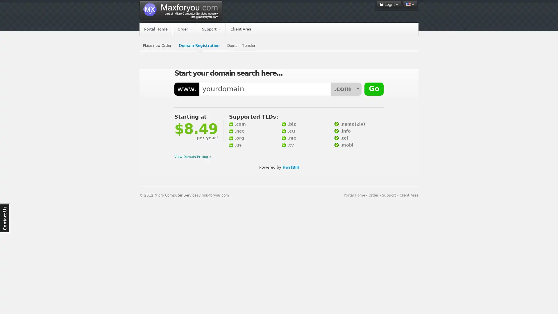  I want to click on English, so click(410, 4).